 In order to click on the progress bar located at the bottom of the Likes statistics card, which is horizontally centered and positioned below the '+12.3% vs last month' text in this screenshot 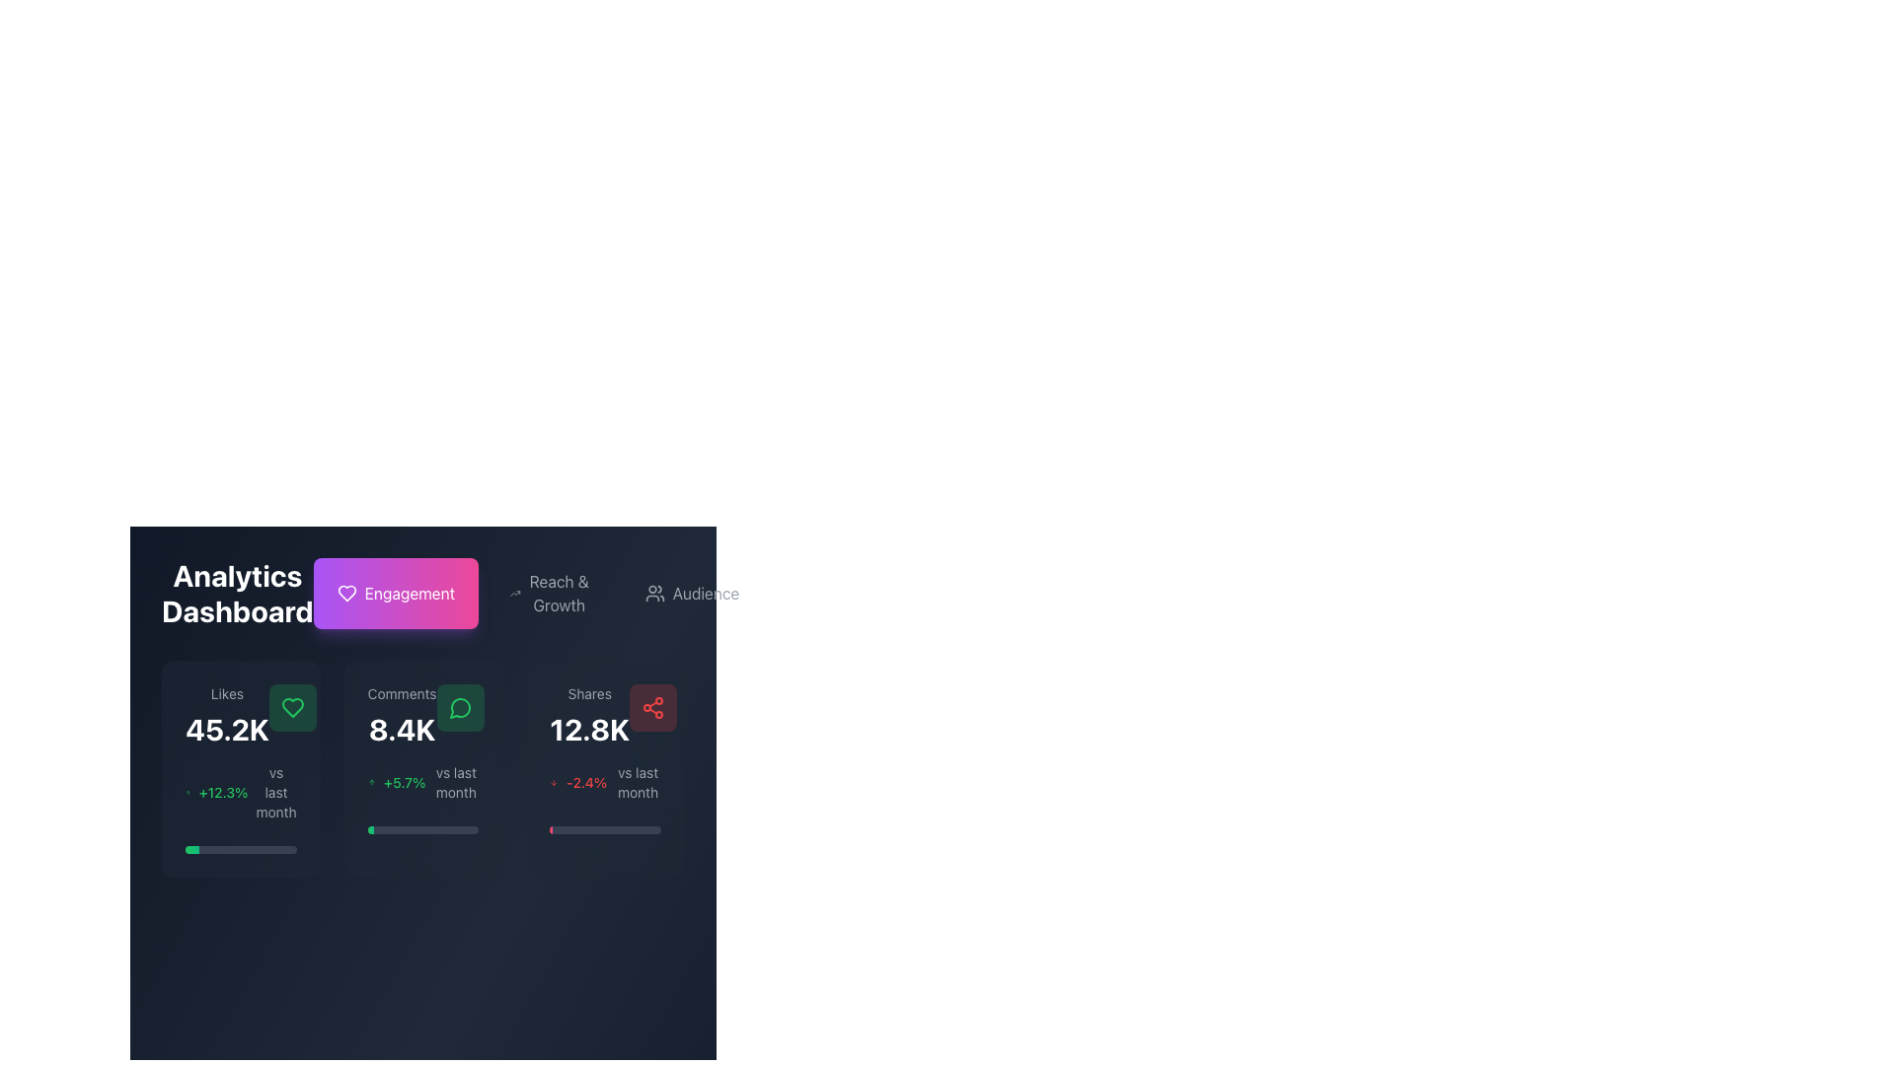, I will do `click(240, 848)`.